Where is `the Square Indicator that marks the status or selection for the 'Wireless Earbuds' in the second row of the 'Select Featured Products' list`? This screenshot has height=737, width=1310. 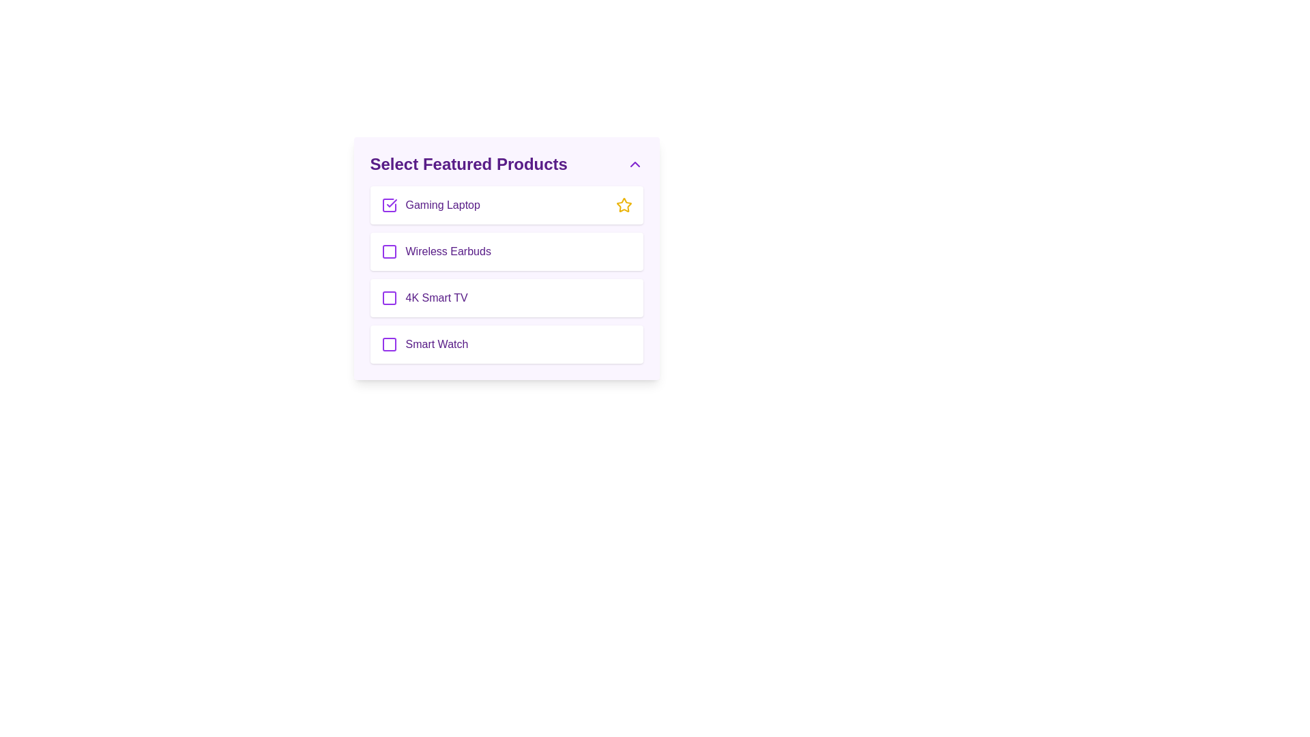 the Square Indicator that marks the status or selection for the 'Wireless Earbuds' in the second row of the 'Select Featured Products' list is located at coordinates (388, 252).